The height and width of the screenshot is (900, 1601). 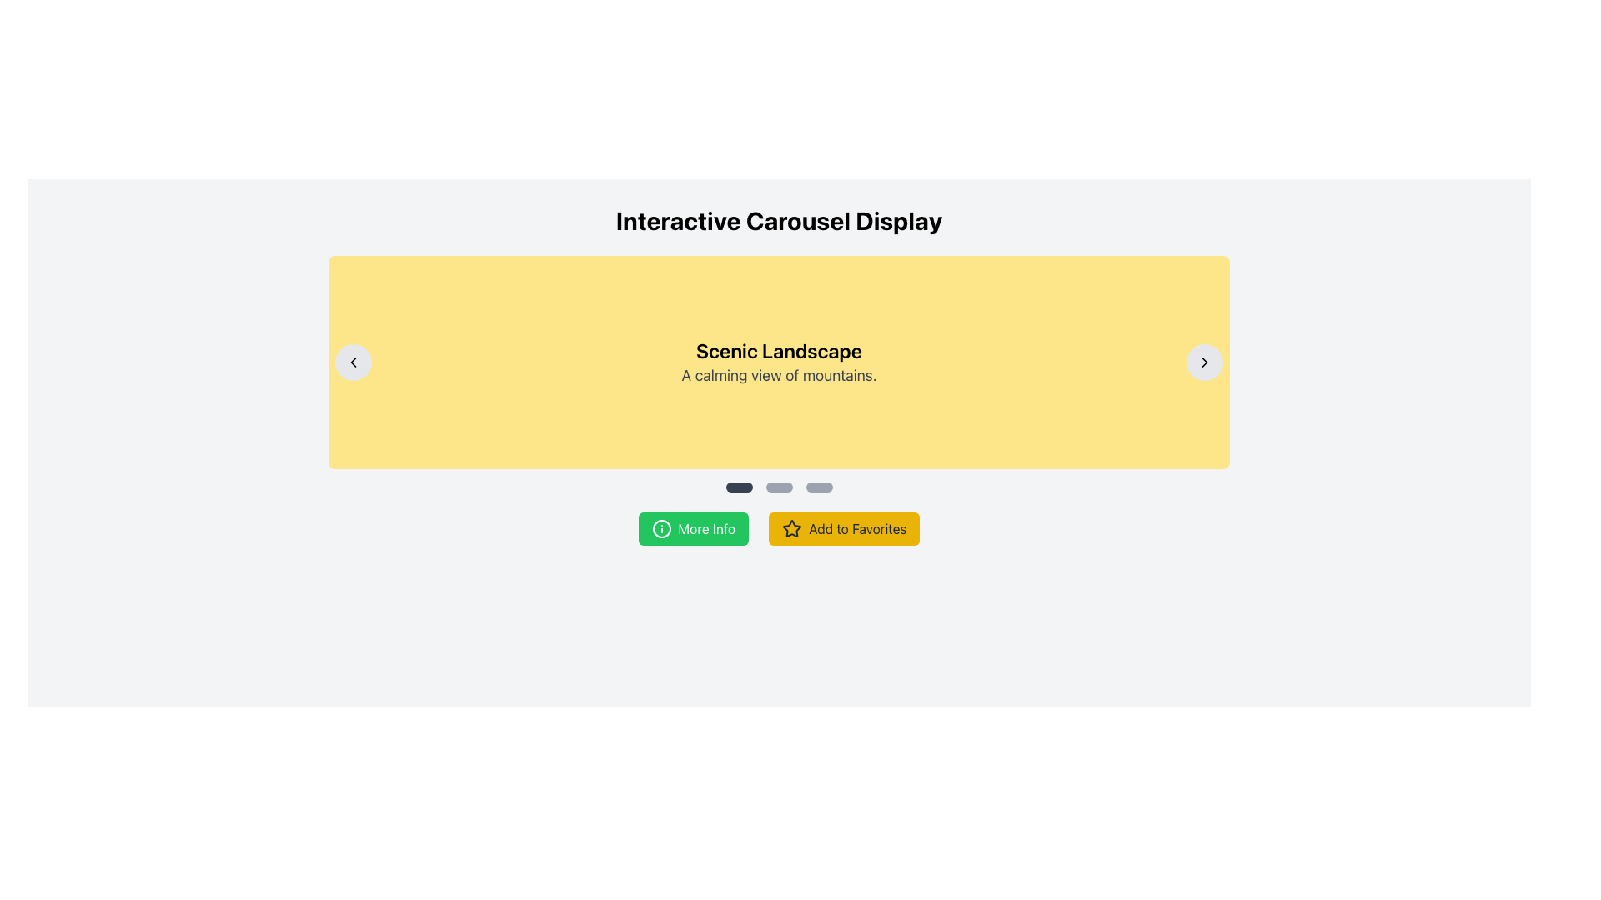 I want to click on the star icon, which is outlined in black and filled with yellow, located inside the 'Add to Favorites' button, so click(x=791, y=528).